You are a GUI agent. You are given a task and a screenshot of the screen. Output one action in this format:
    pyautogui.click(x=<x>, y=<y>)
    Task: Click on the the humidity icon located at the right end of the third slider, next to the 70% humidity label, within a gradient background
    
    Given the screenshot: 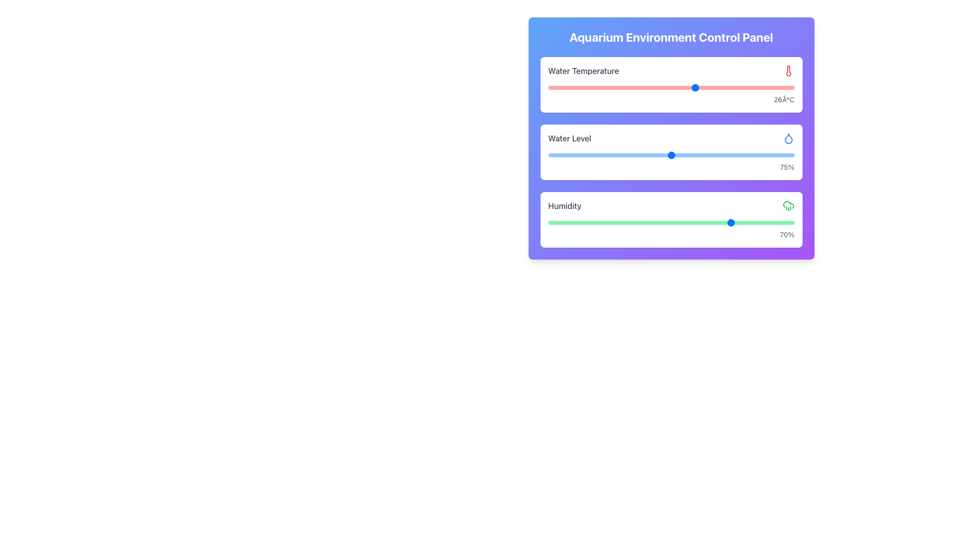 What is the action you would take?
    pyautogui.click(x=788, y=138)
    